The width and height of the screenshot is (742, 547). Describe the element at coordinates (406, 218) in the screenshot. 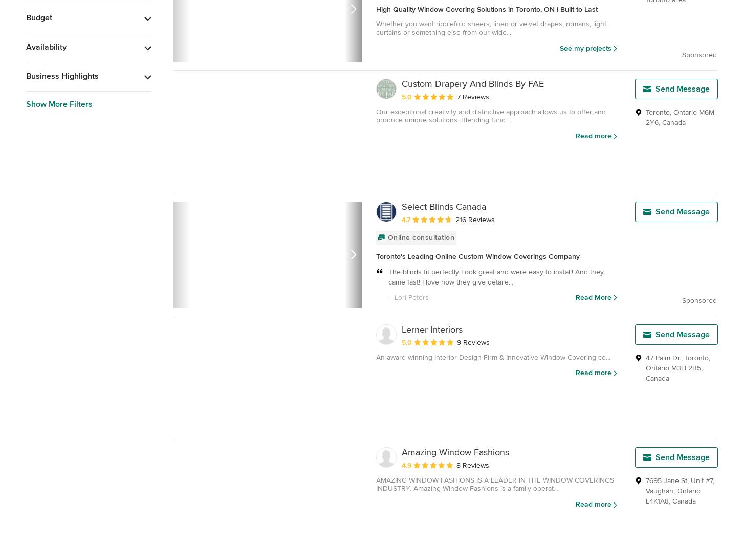

I see `'4.7'` at that location.